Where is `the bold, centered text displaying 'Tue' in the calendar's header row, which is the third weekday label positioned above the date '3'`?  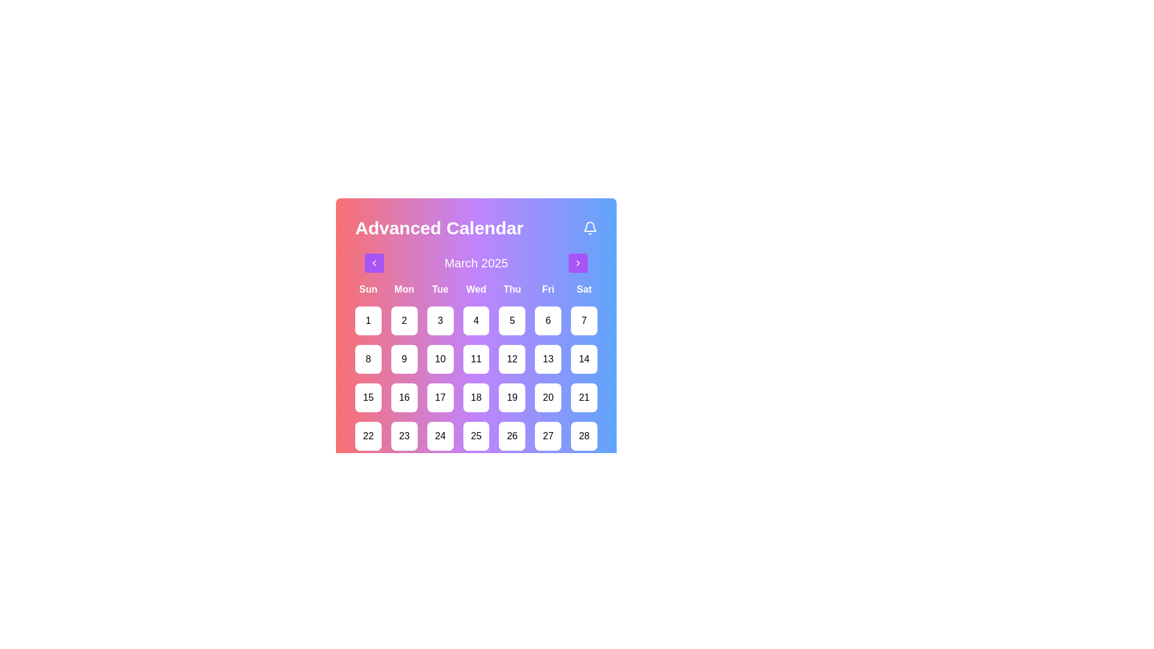
the bold, centered text displaying 'Tue' in the calendar's header row, which is the third weekday label positioned above the date '3' is located at coordinates (439, 290).